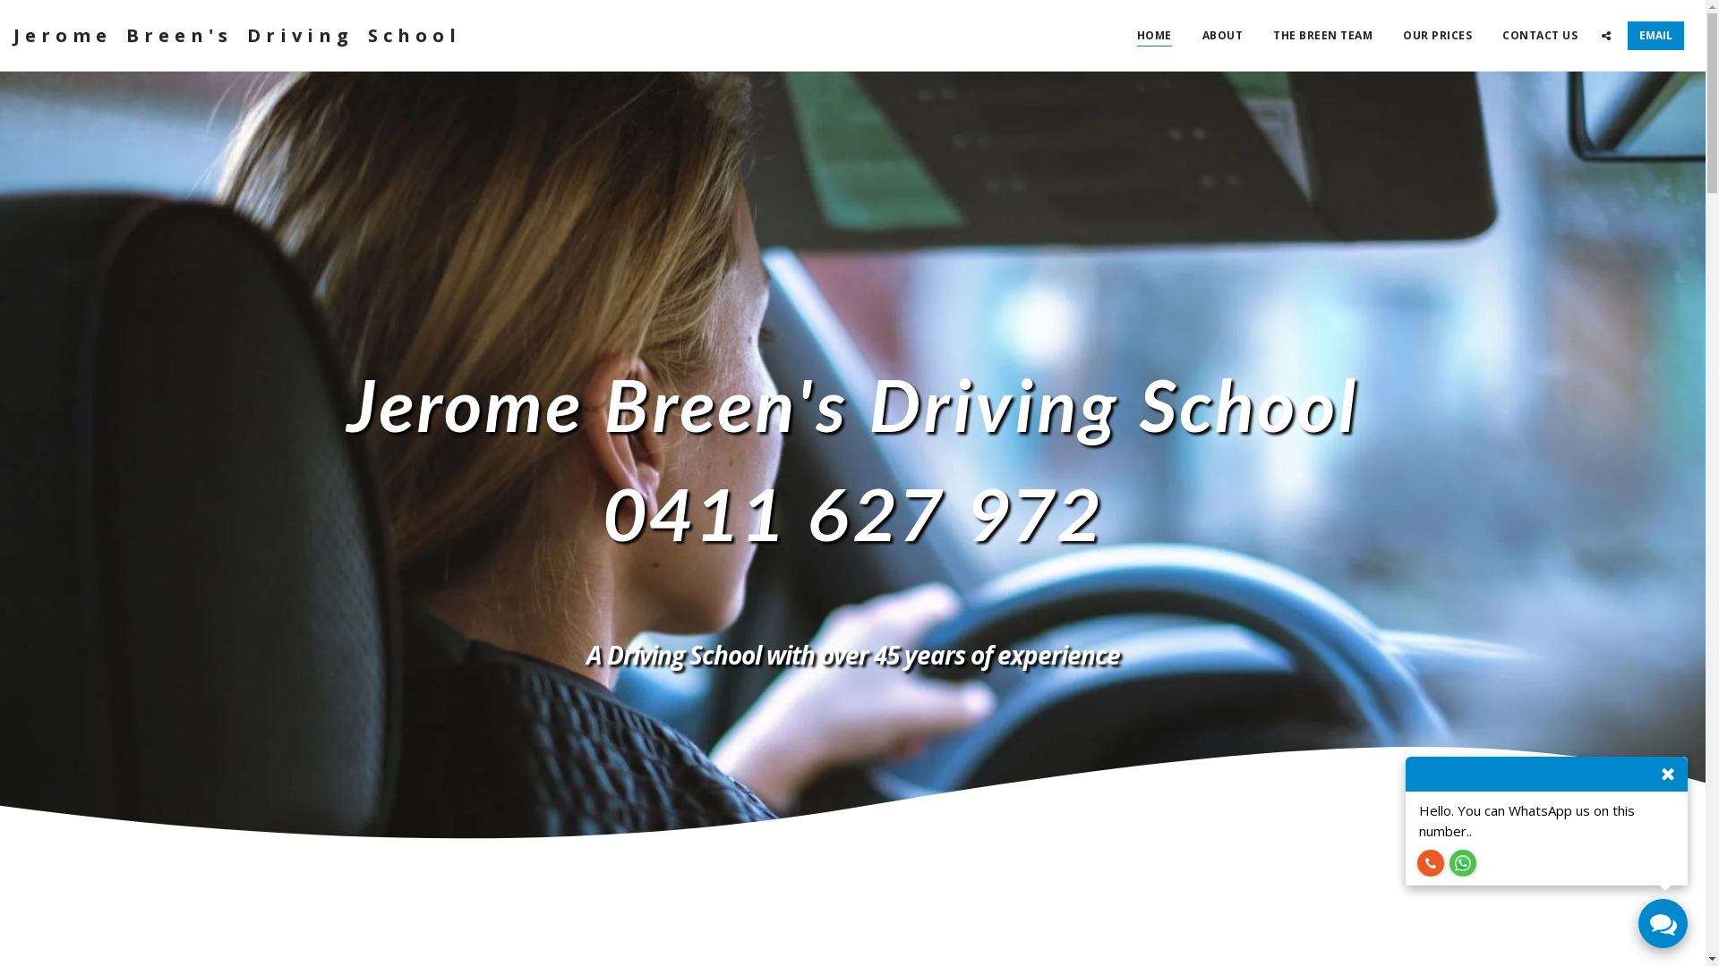 This screenshot has height=966, width=1719. Describe the element at coordinates (1154, 34) in the screenshot. I see `'HOME'` at that location.